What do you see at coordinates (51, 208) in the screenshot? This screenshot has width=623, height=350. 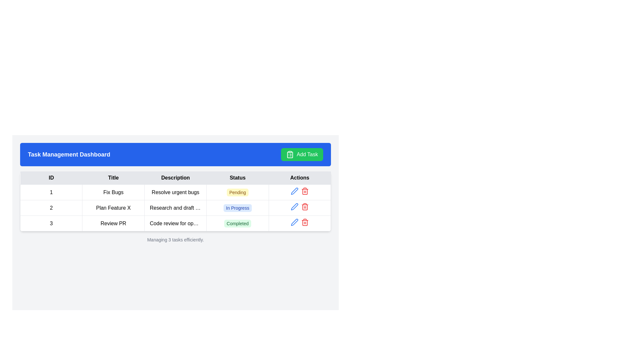 I see `the table cell displaying the numeral '2' in bold, centered font, located in the 'ID' column and second row, adjacent to 'Plan Feature X' in the 'Title' column` at bounding box center [51, 208].